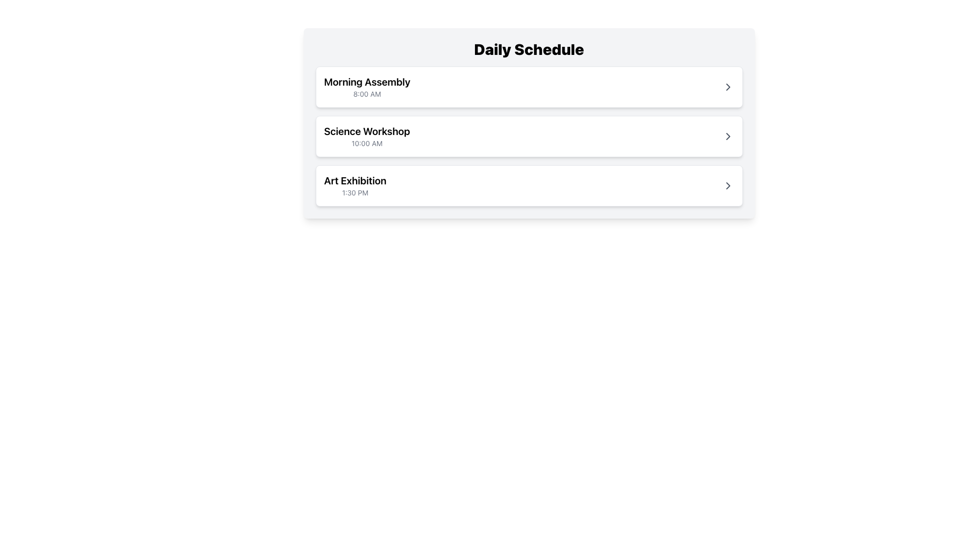 The image size is (967, 544). Describe the element at coordinates (528, 136) in the screenshot. I see `the Informational card with the title 'Science Workshop', which is the second card in a vertical list, positioned between 'Morning Assembly' and 'Art Exhibition'` at that location.